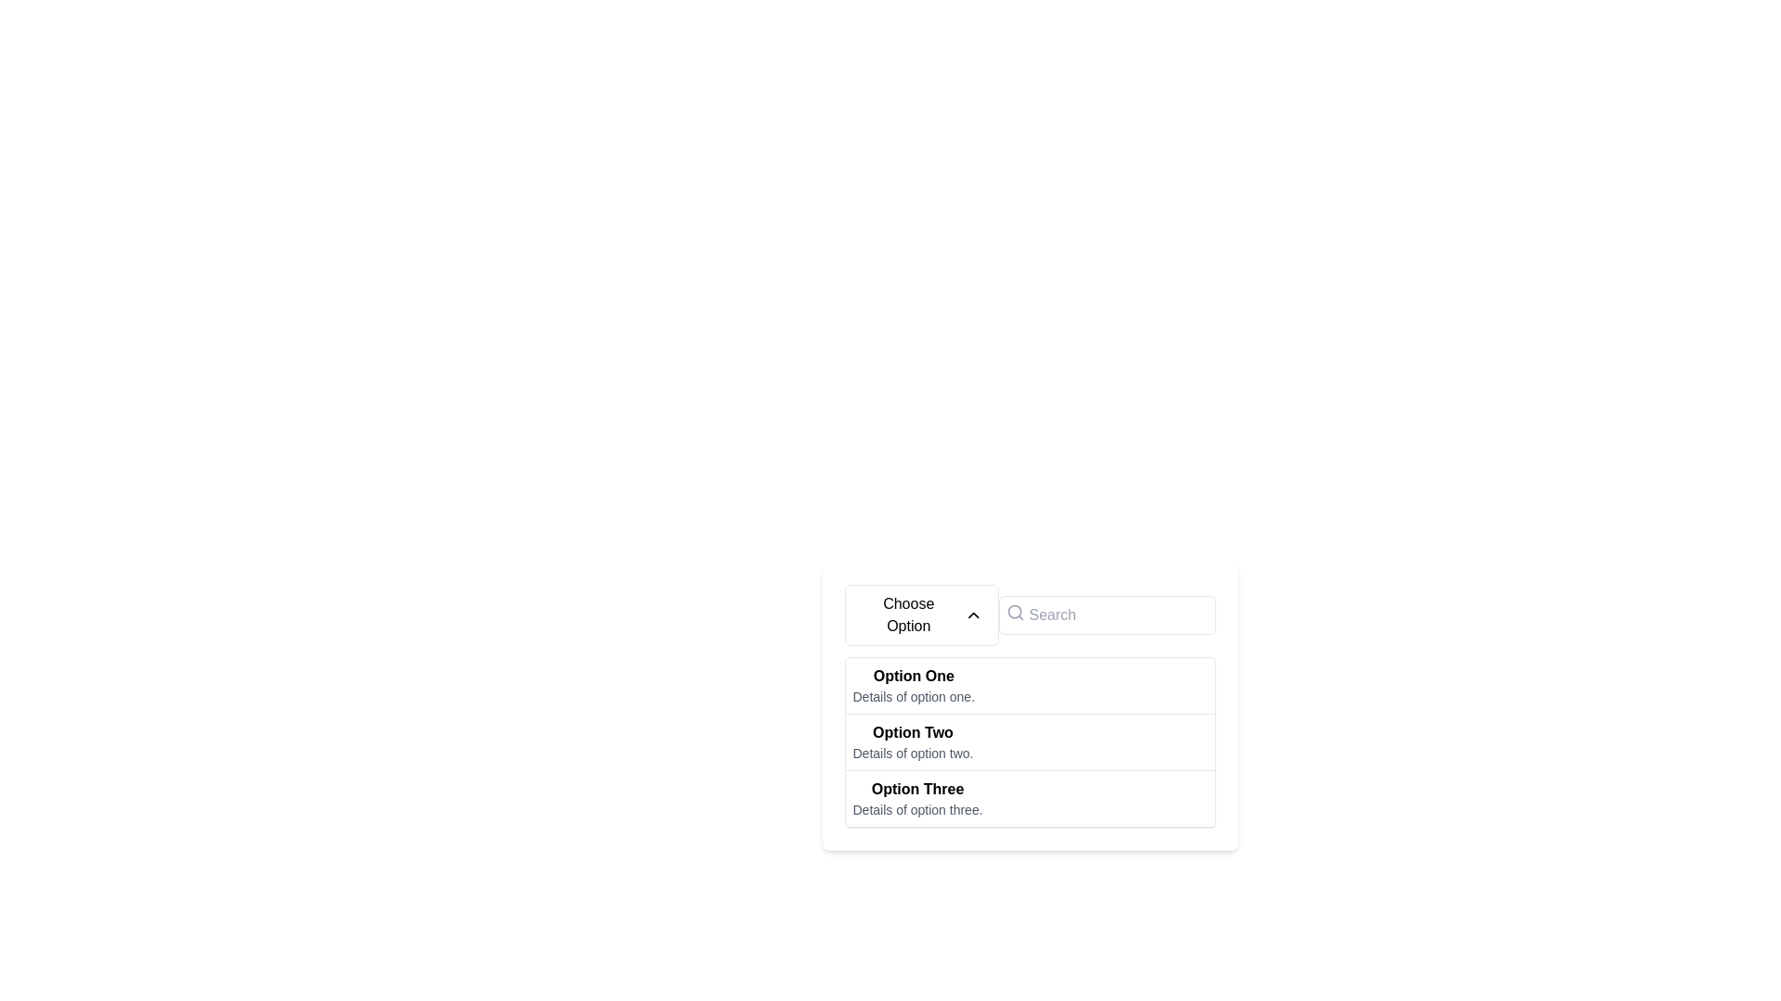 This screenshot has height=1001, width=1781. What do you see at coordinates (921, 615) in the screenshot?
I see `the 'Choose Option' button, which is a rectangular dropdown trigger with rounded corners and an upward chevron, located in the top-left part of the dropdown menu` at bounding box center [921, 615].